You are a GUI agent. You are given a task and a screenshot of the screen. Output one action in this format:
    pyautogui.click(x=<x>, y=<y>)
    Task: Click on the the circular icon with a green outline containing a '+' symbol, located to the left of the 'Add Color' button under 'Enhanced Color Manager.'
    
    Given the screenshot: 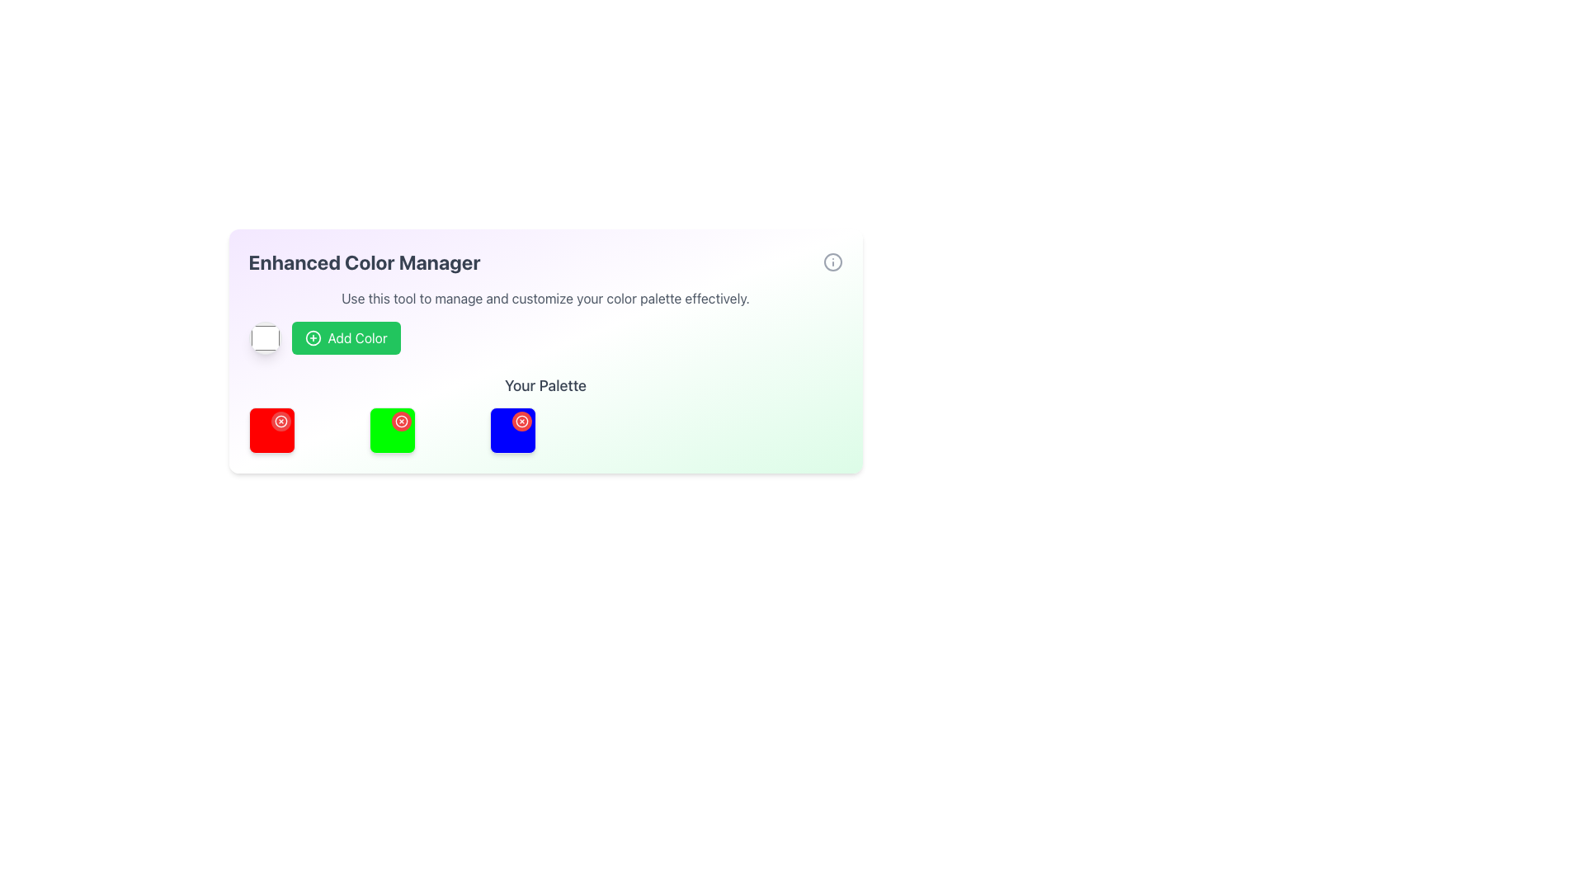 What is the action you would take?
    pyautogui.click(x=313, y=337)
    